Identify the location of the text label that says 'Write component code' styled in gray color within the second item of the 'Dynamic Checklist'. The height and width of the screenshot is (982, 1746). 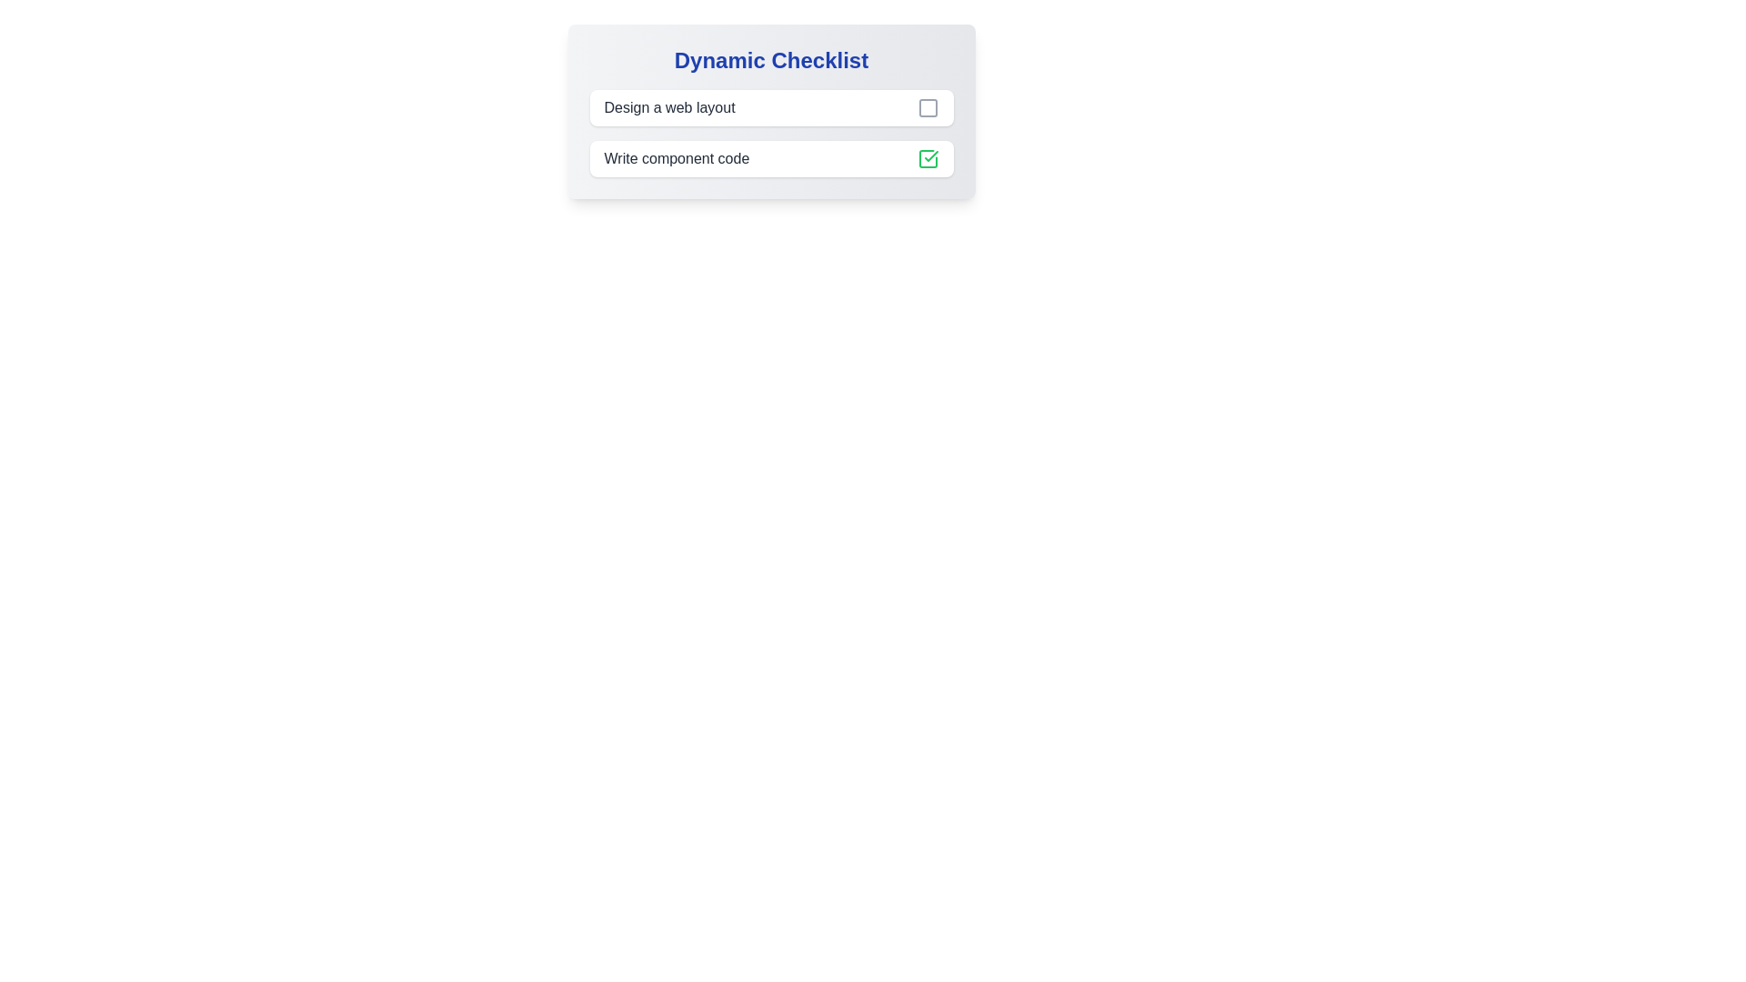
(676, 157).